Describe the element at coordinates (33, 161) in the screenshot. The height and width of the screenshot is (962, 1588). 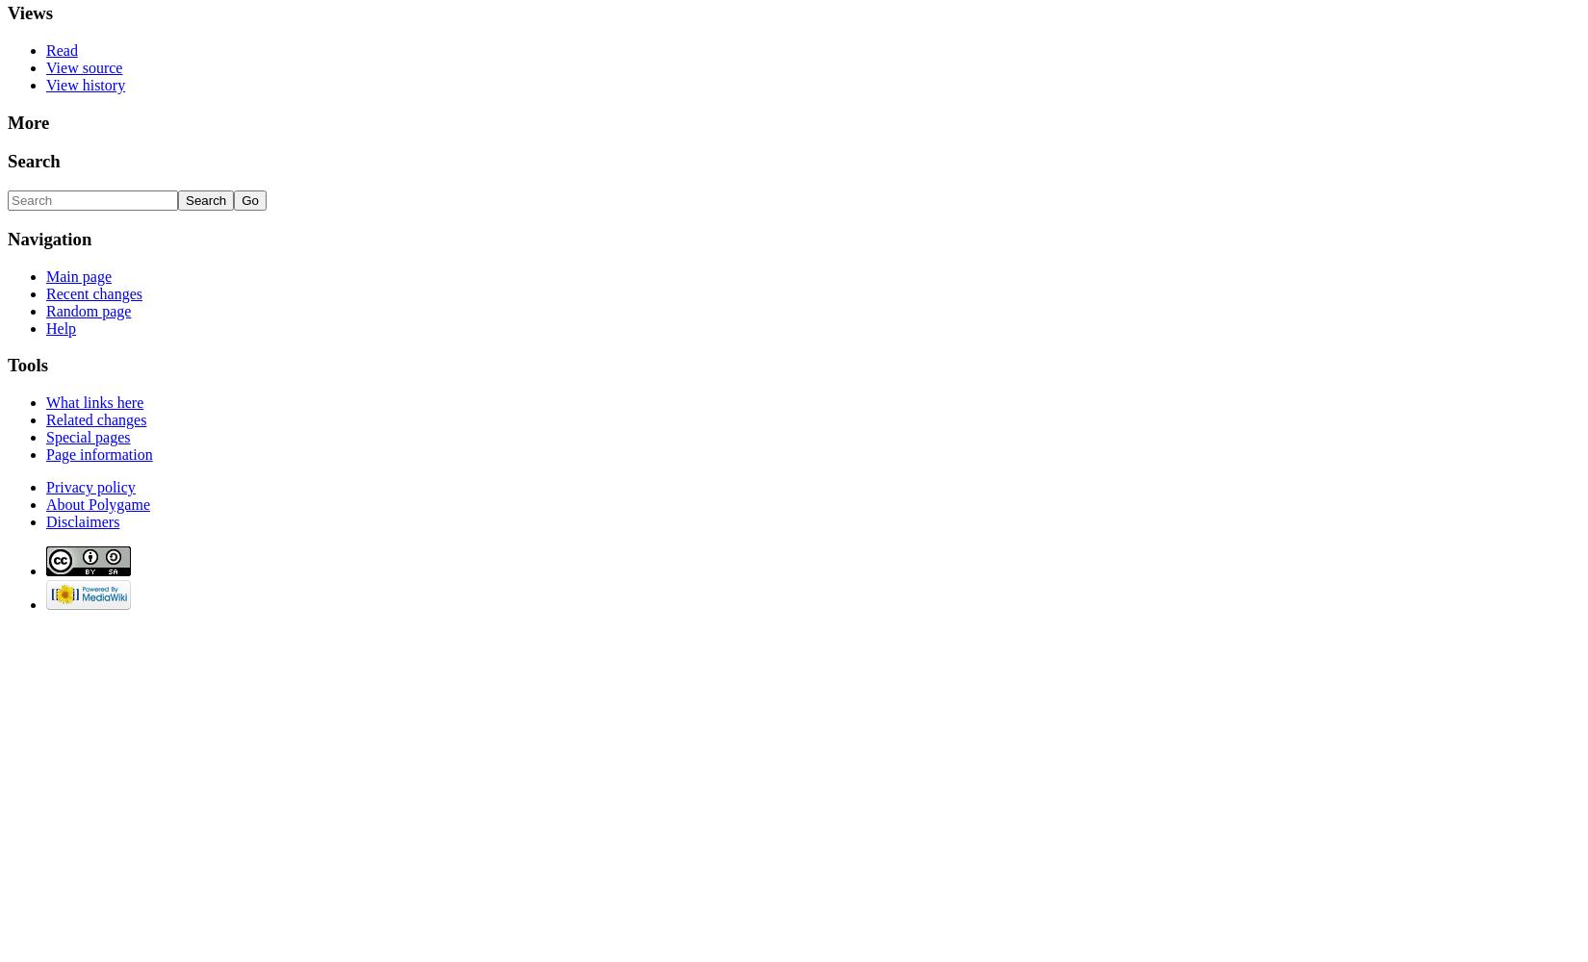
I see `'Search'` at that location.